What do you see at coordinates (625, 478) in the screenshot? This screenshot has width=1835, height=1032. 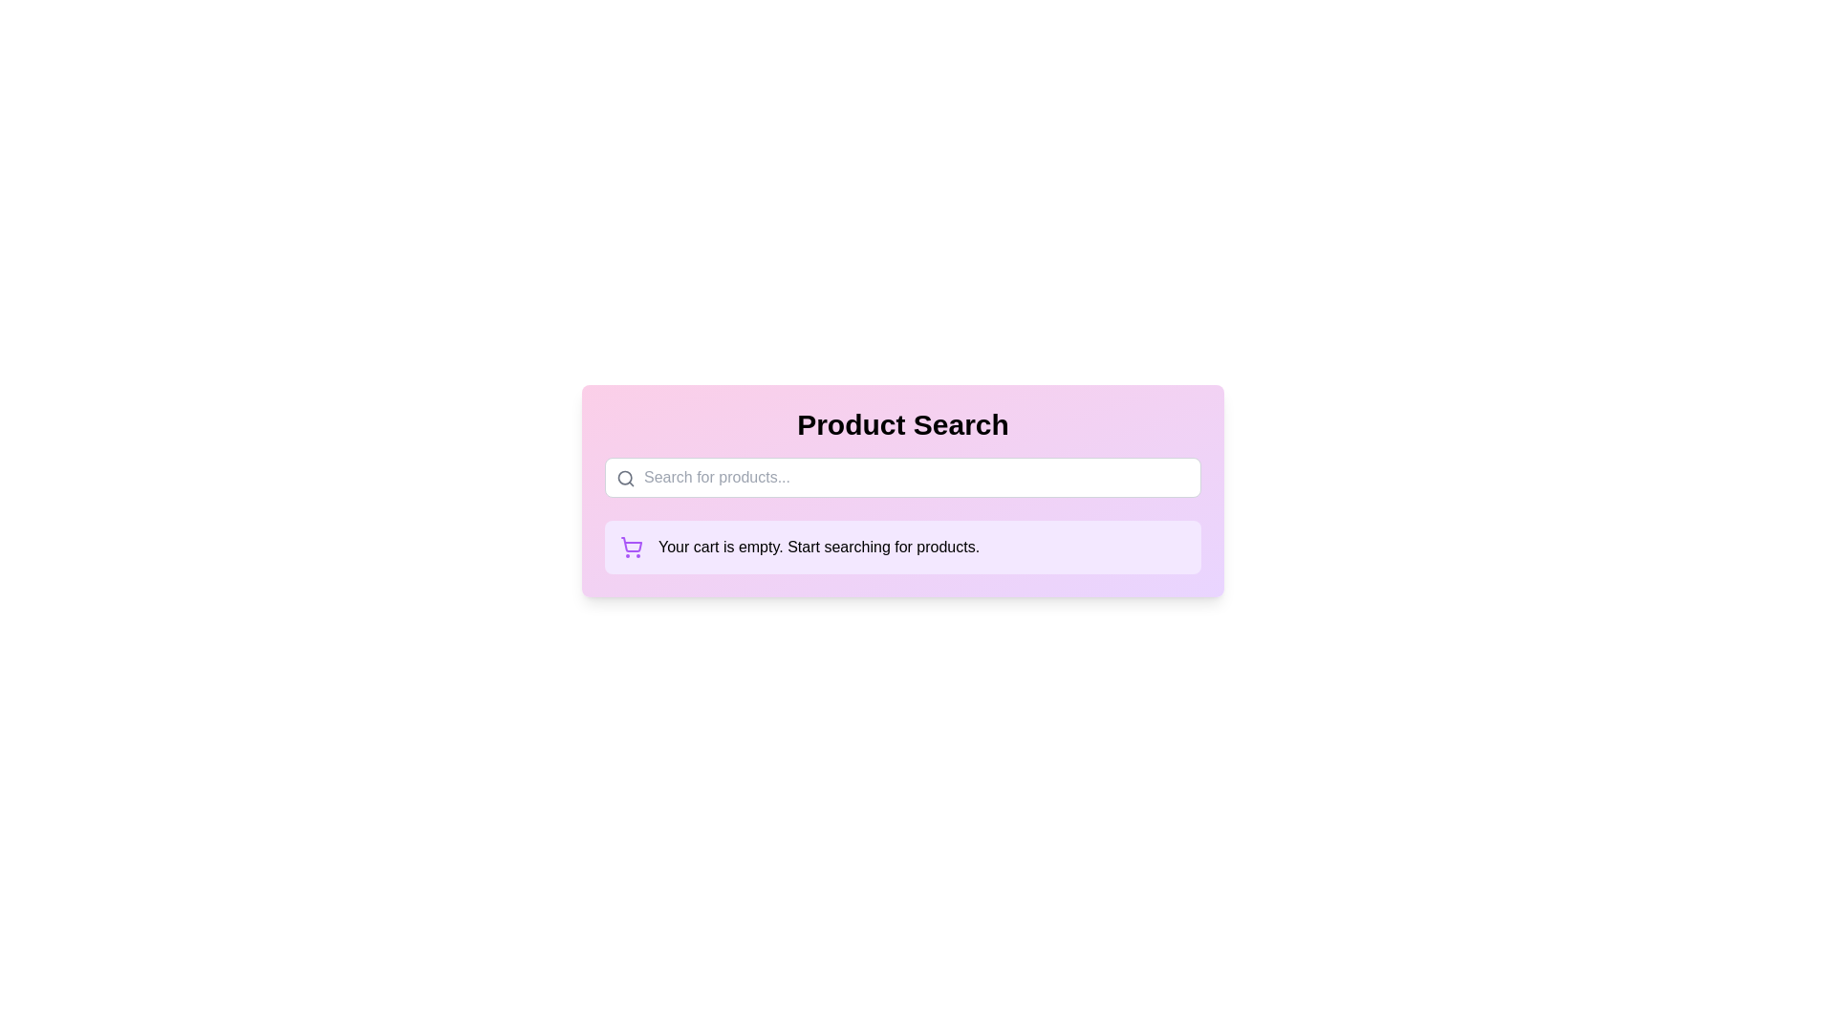 I see `the Search icon located on the left side of the search input field` at bounding box center [625, 478].